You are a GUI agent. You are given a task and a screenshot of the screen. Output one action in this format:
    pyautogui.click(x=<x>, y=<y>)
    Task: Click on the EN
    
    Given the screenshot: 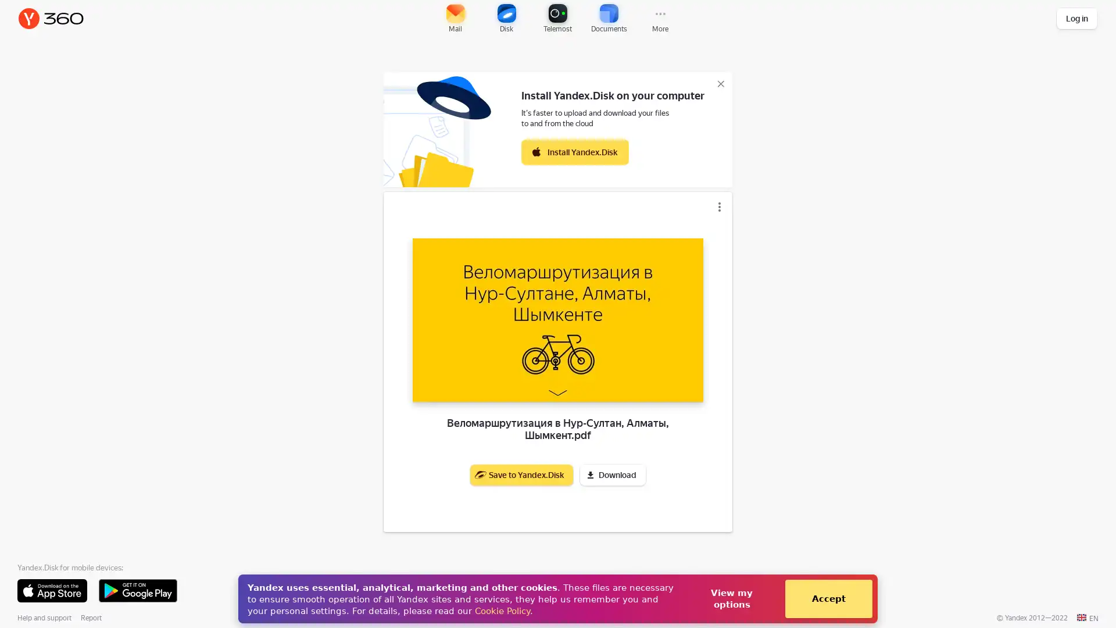 What is the action you would take?
    pyautogui.click(x=1087, y=618)
    